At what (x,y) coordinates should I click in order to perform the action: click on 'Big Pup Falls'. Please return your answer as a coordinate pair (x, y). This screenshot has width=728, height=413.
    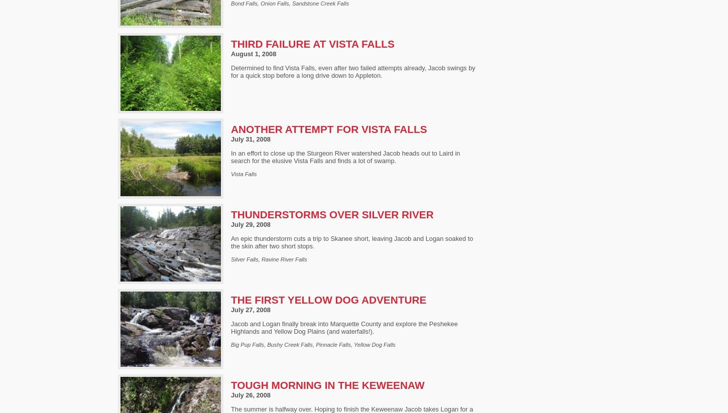
    Looking at the image, I should click on (247, 343).